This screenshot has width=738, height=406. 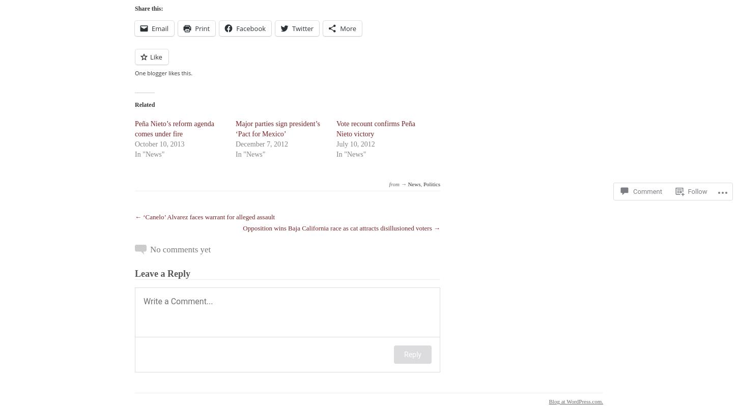 What do you see at coordinates (236, 28) in the screenshot?
I see `'Facebook'` at bounding box center [236, 28].